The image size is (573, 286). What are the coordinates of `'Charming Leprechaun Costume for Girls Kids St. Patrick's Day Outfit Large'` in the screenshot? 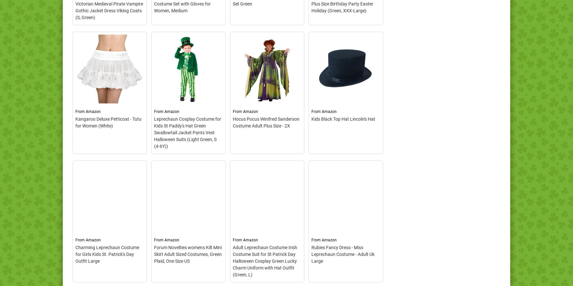 It's located at (107, 253).